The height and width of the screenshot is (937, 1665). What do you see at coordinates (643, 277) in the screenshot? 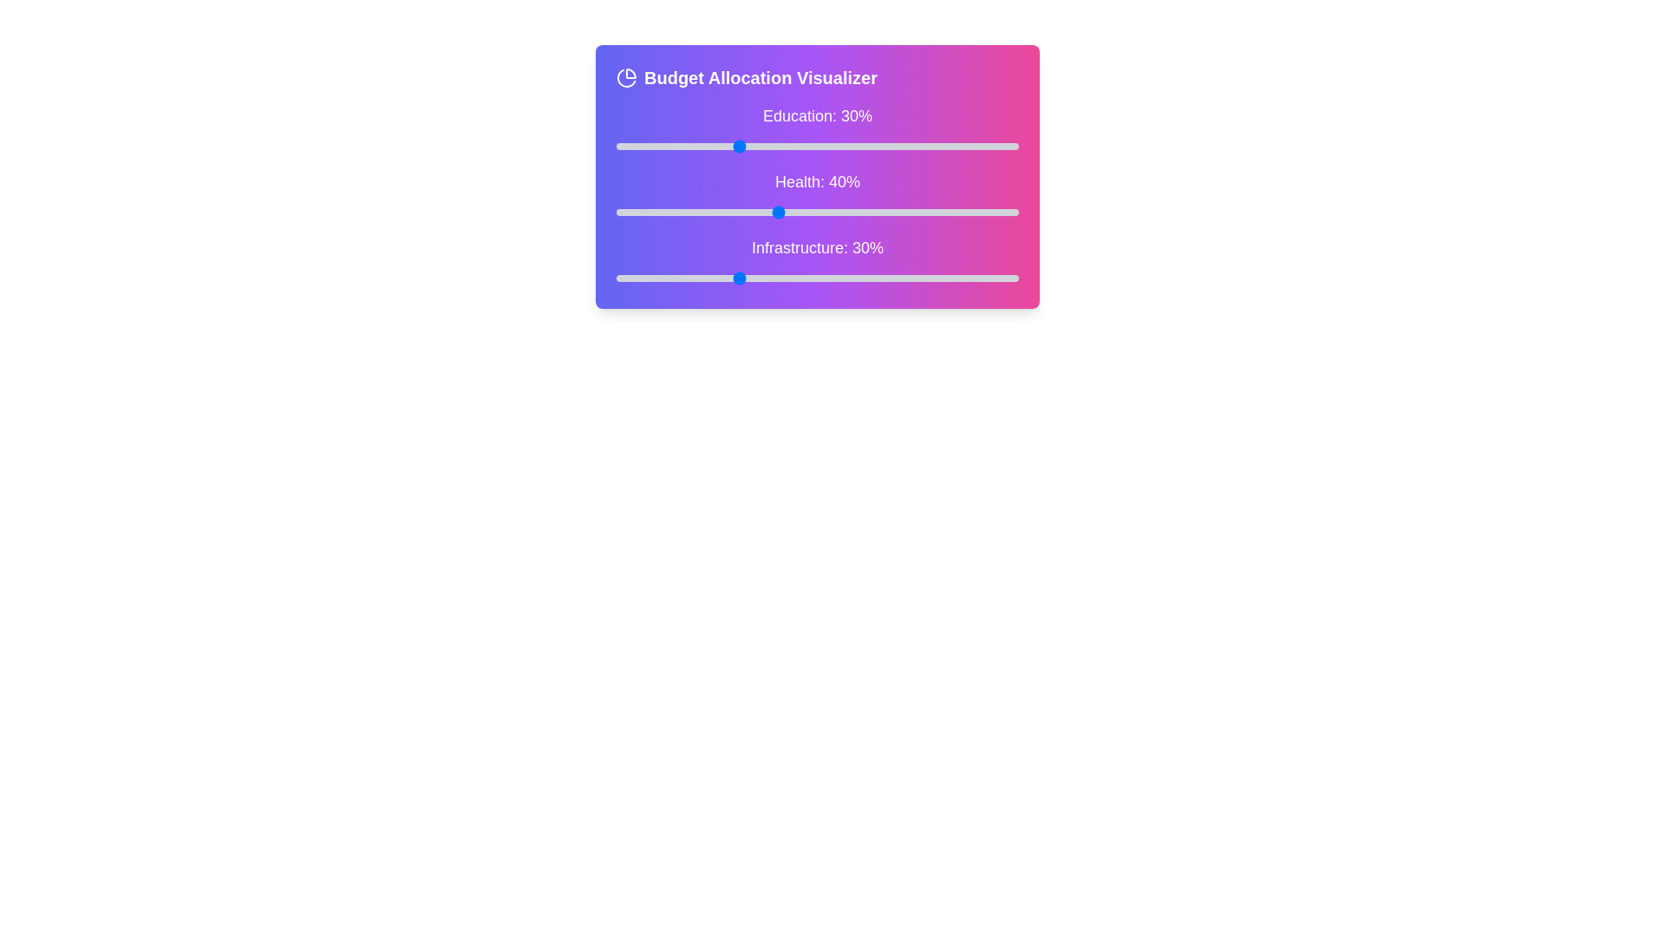
I see `'Infrastructure' percentage` at bounding box center [643, 277].